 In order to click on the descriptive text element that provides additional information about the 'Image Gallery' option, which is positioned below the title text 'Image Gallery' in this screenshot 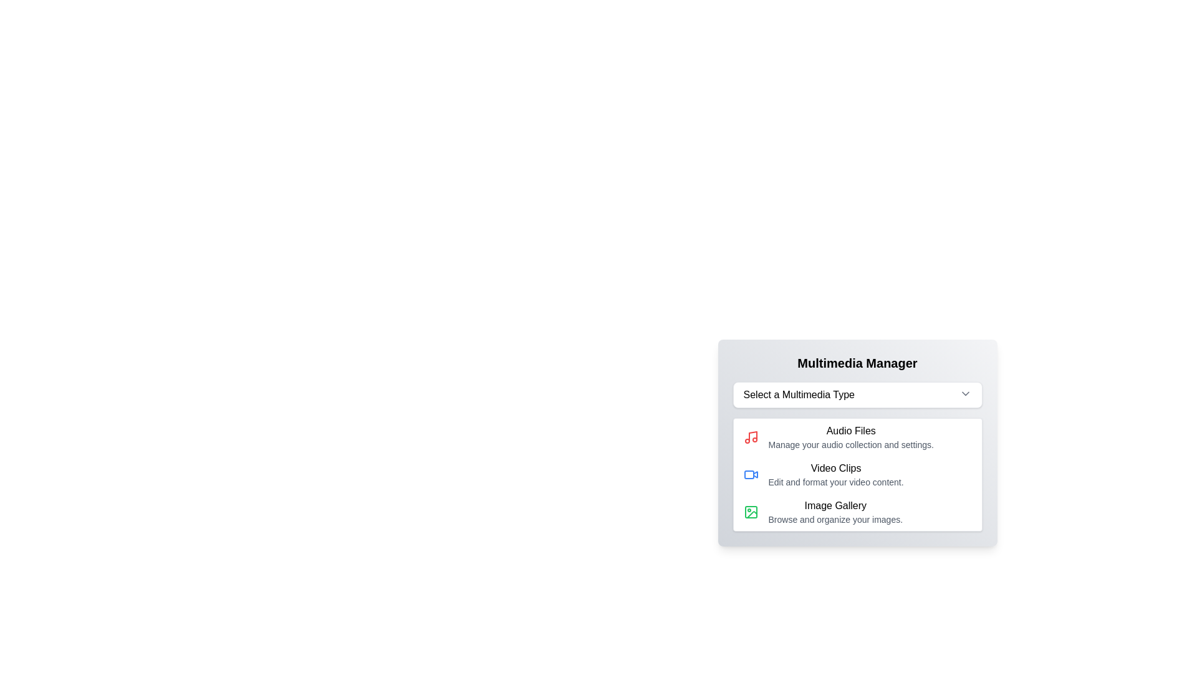, I will do `click(835, 519)`.